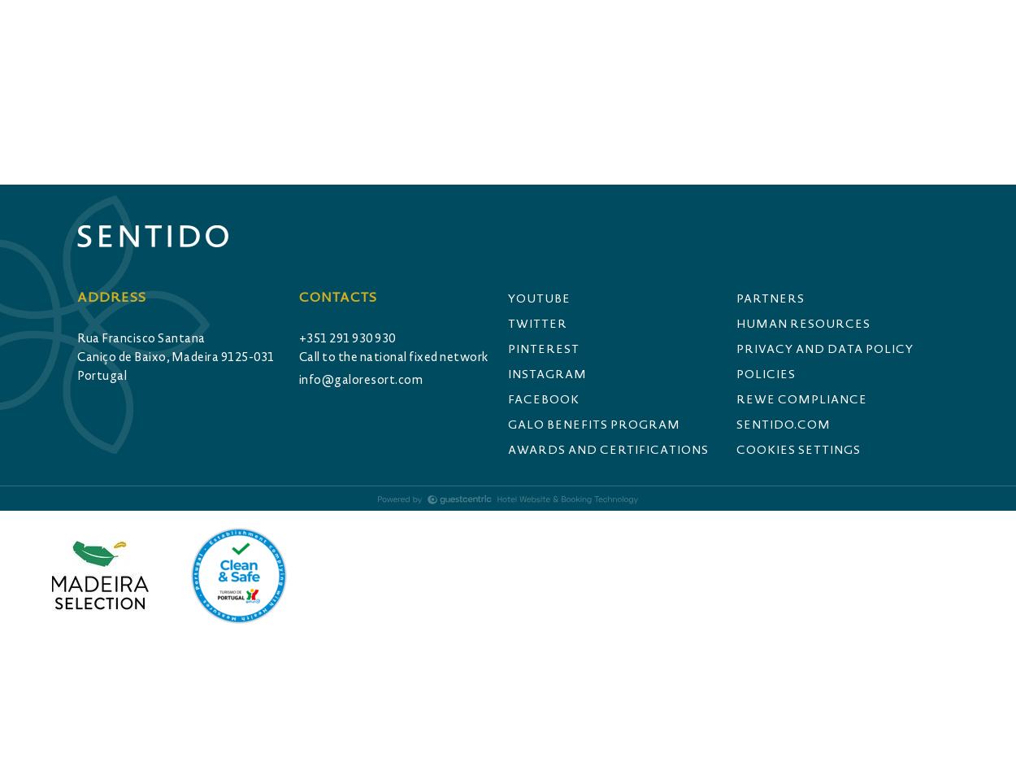  Describe the element at coordinates (76, 297) in the screenshot. I see `'Address'` at that location.